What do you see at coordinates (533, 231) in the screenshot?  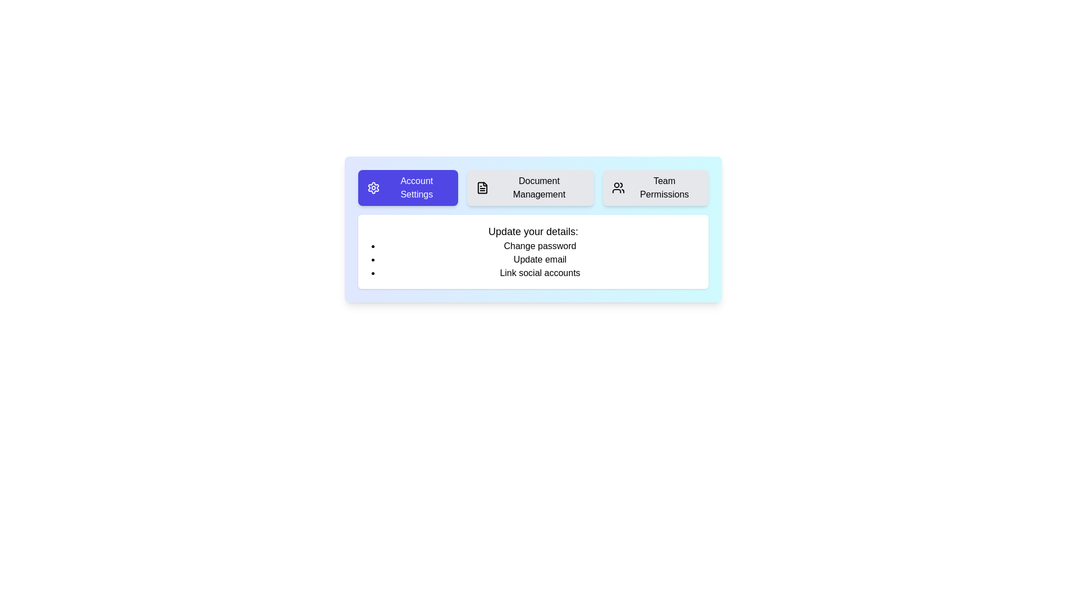 I see `the heading text element that introduces the list of account update options to focus it` at bounding box center [533, 231].